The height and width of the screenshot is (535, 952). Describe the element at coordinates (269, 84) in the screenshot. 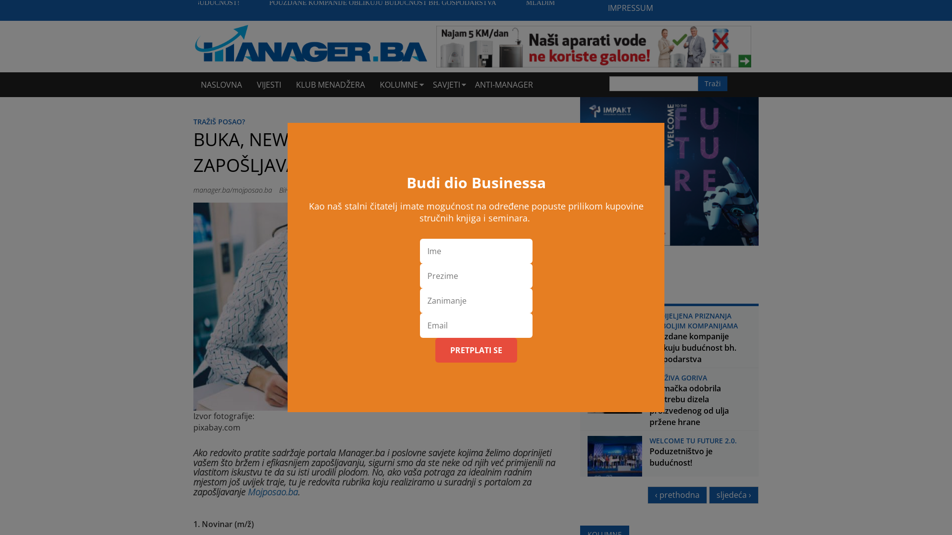

I see `'VIJESTI'` at that location.